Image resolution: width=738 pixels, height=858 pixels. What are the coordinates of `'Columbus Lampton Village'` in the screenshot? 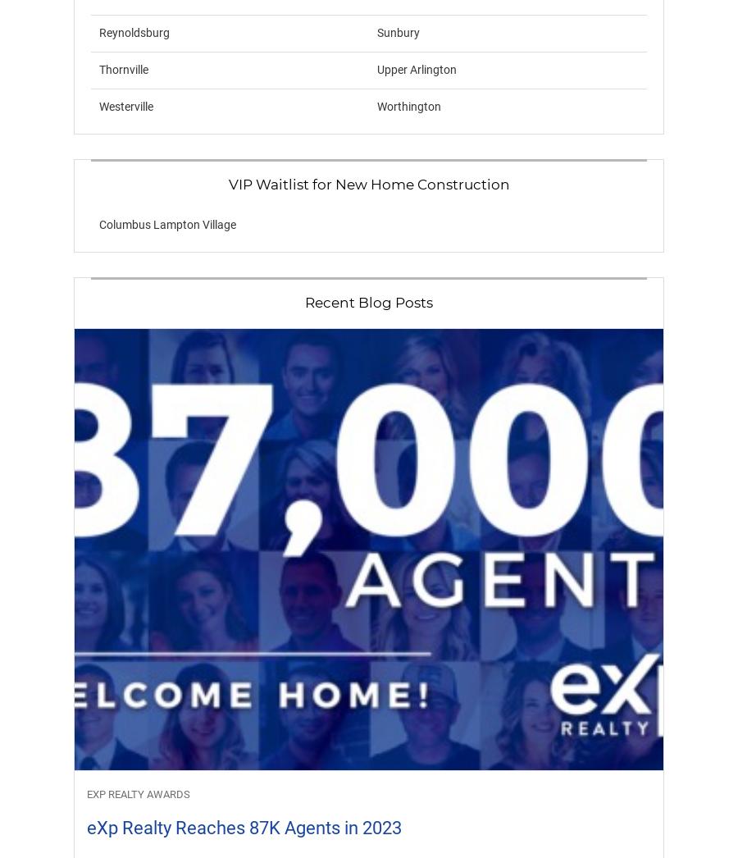 It's located at (98, 225).